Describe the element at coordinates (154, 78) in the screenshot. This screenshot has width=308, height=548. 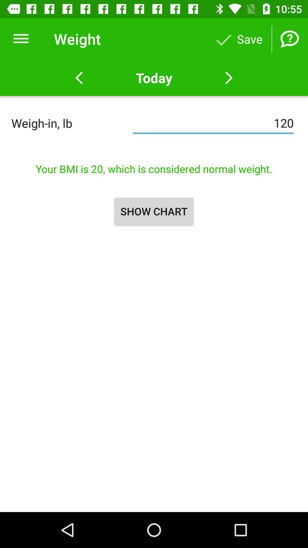
I see `icon above the 120 icon` at that location.